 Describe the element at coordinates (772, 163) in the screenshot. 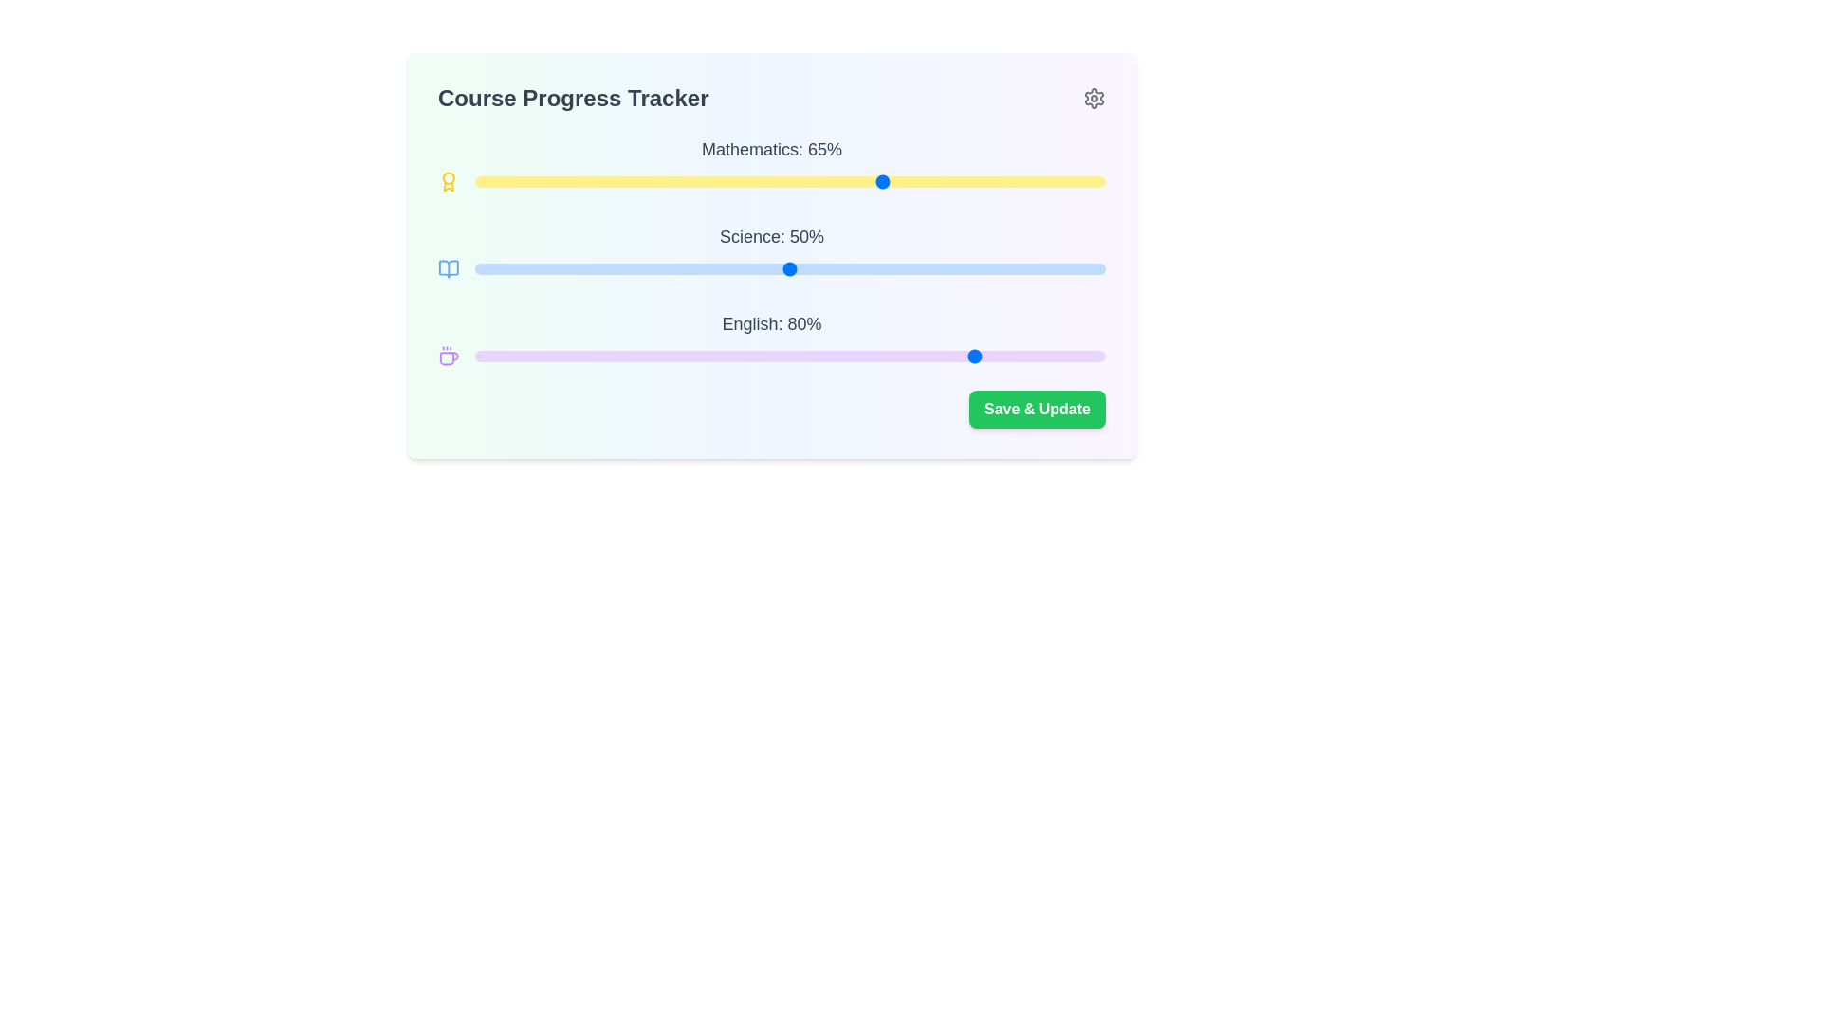

I see `the yellow progress bar labeled 'Mathematics: 65%' to adjust the percentage by clicking on it` at that location.